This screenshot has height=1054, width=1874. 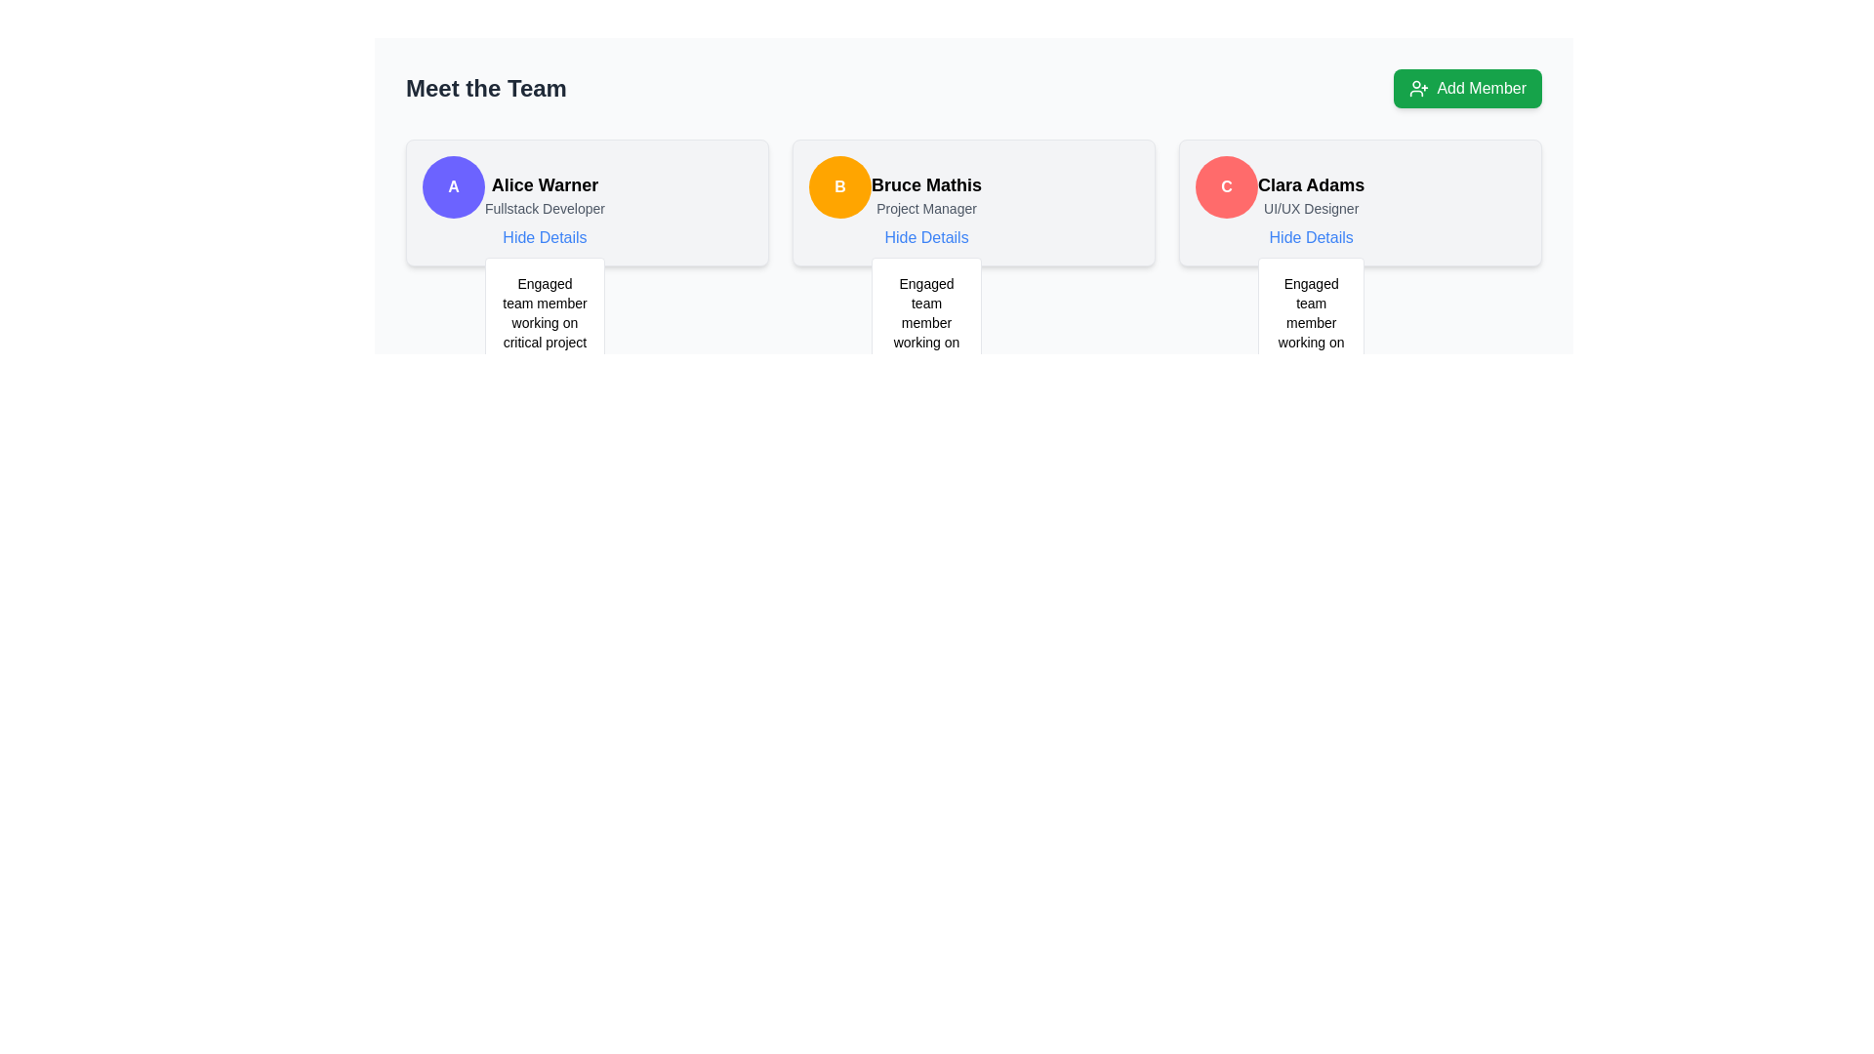 What do you see at coordinates (1311, 236) in the screenshot?
I see `the clickable link below the subtitle 'UI/UX Designer' in the card representing 'Clara Adams'` at bounding box center [1311, 236].